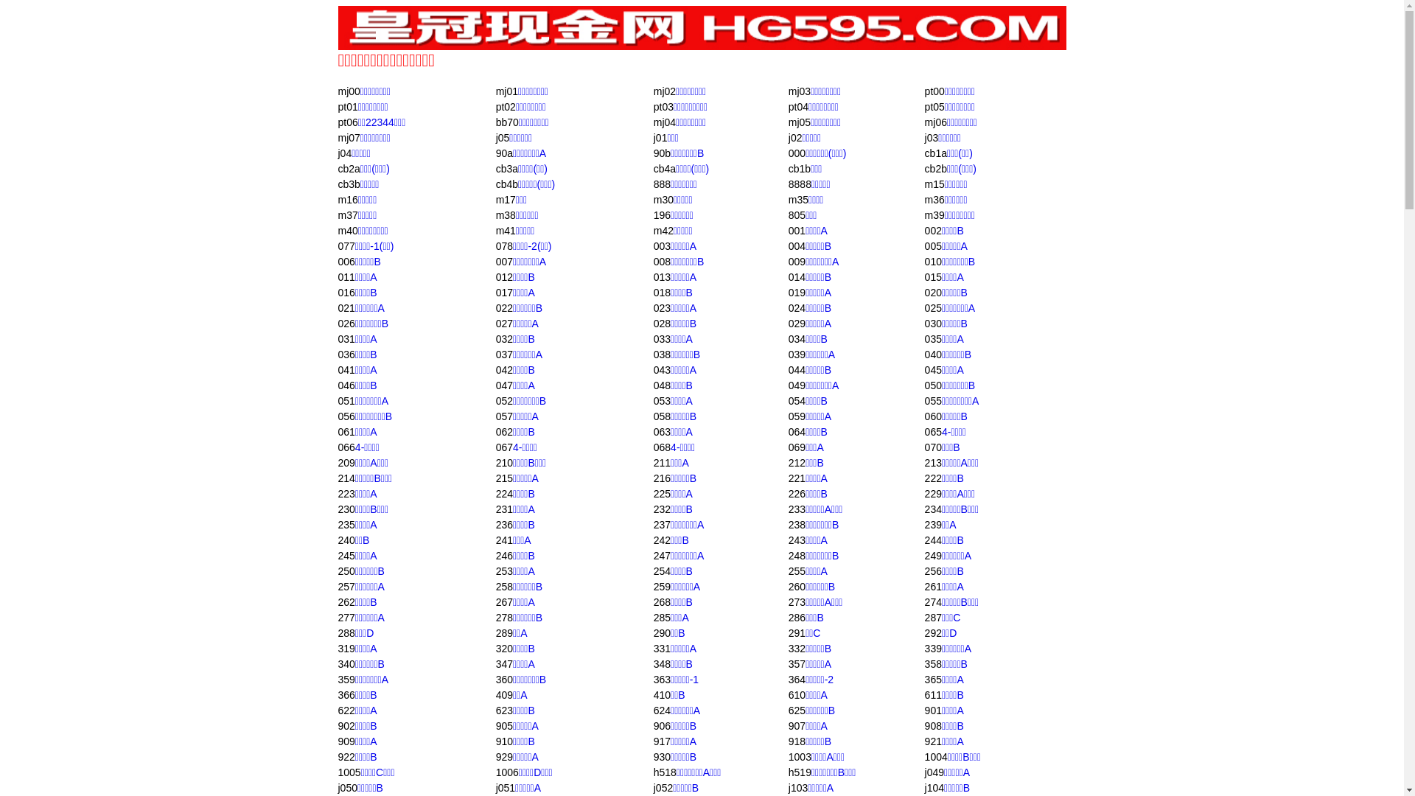  What do you see at coordinates (495, 494) in the screenshot?
I see `'224'` at bounding box center [495, 494].